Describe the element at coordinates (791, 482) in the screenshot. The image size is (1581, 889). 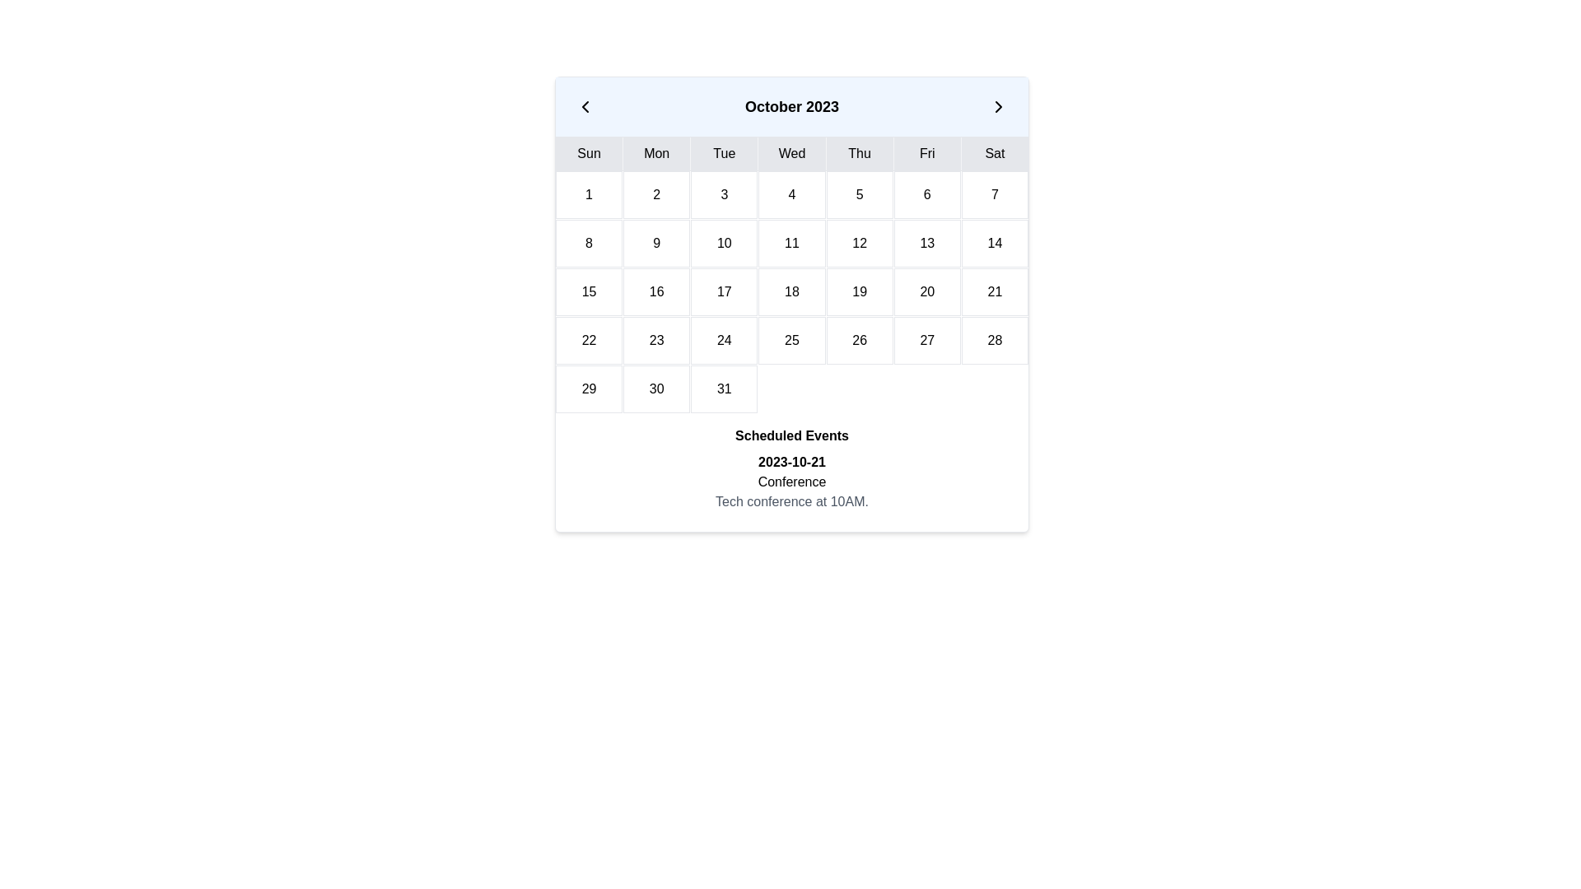
I see `text content of the Text Label displaying 'Conference', which is located below the date '2023-10-21' and above the description 'Tech conference at 10AM.'` at that location.